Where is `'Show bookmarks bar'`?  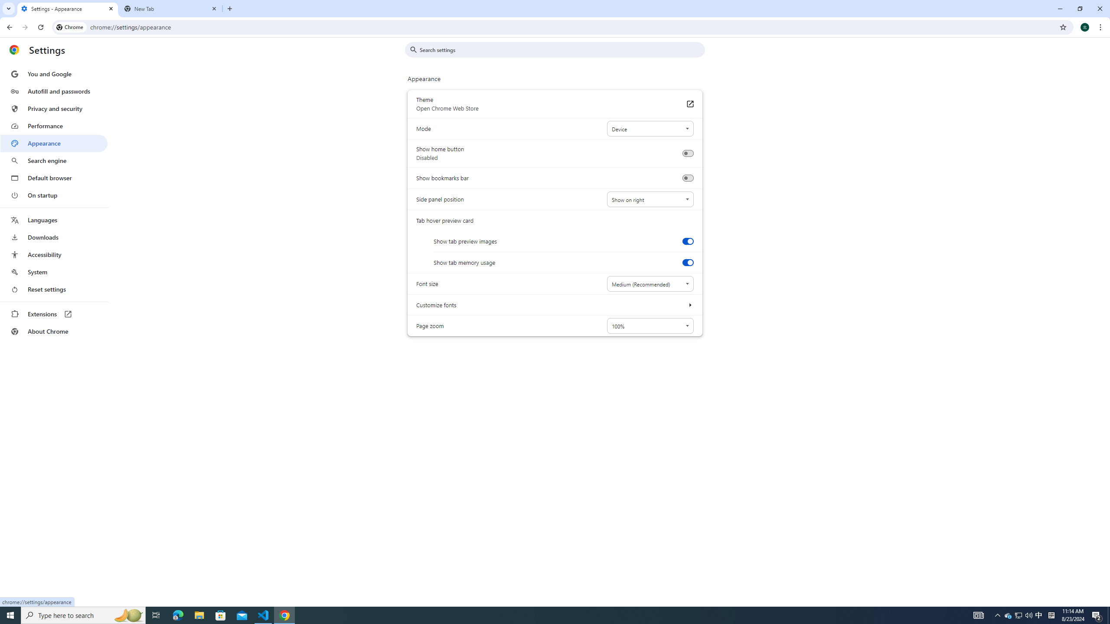 'Show bookmarks bar' is located at coordinates (687, 178).